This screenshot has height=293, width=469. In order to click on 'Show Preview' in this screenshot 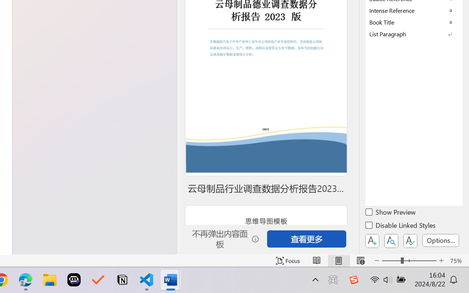, I will do `click(391, 213)`.